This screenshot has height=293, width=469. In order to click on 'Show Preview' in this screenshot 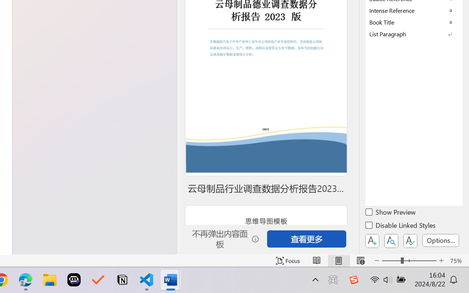, I will do `click(391, 213)`.